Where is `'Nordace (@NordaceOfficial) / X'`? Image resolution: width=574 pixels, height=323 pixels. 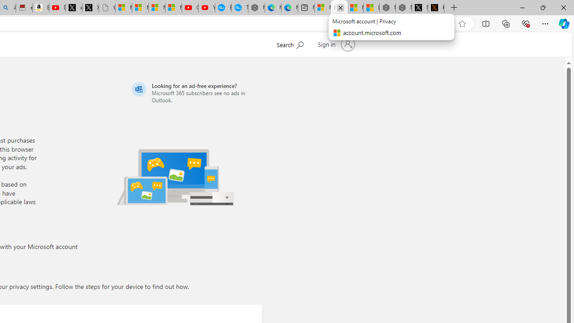 'Nordace (@NordaceOfficial) / X' is located at coordinates (419, 8).